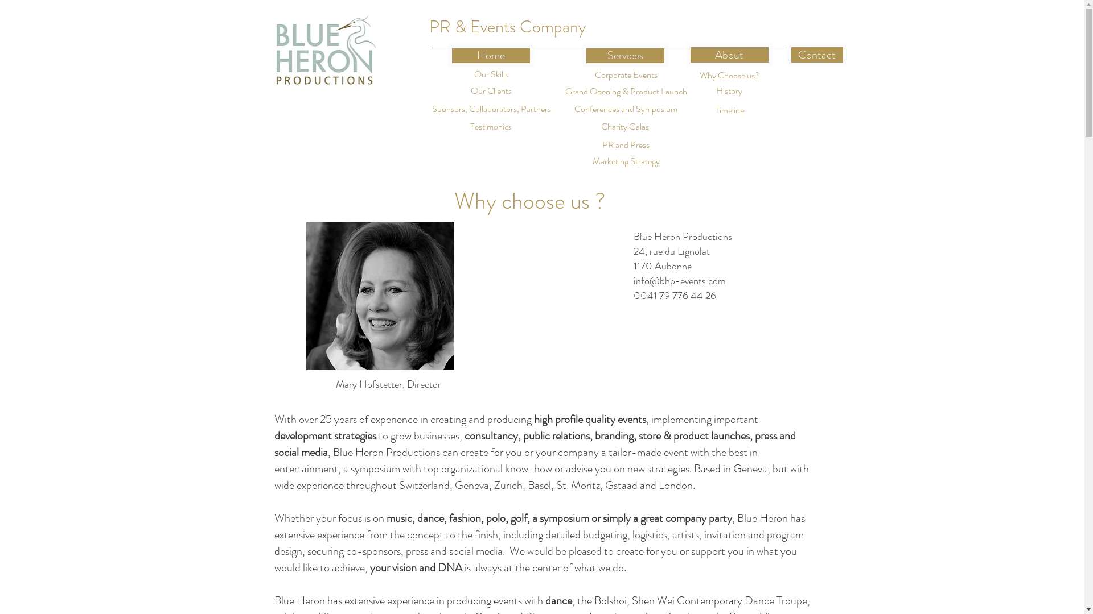 This screenshot has width=1093, height=614. What do you see at coordinates (729, 76) in the screenshot?
I see `'Why Choose us?'` at bounding box center [729, 76].